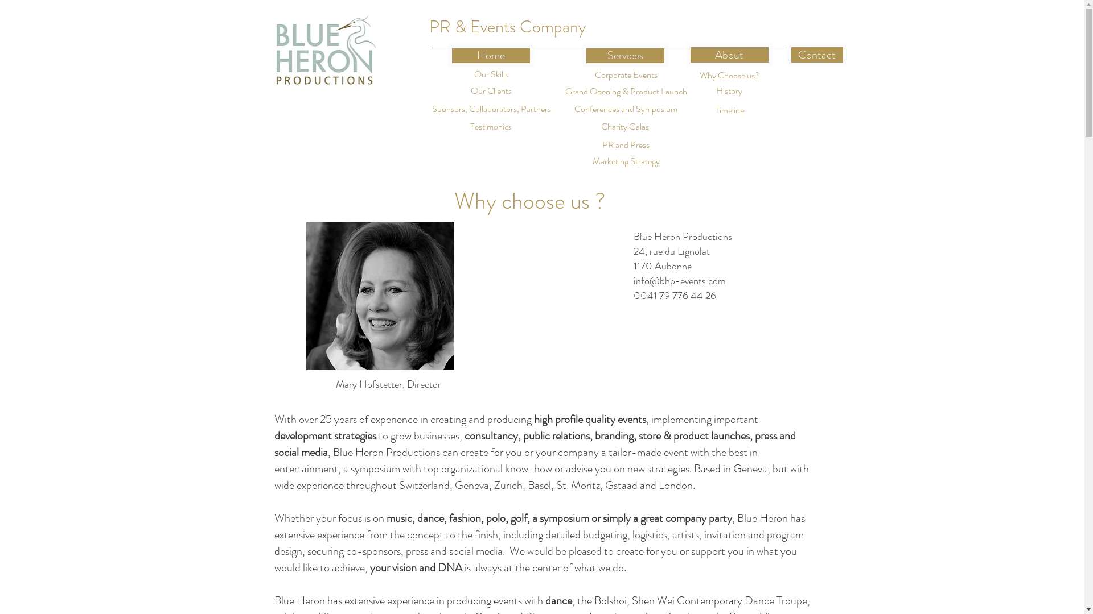 This screenshot has width=1093, height=614. What do you see at coordinates (729, 76) in the screenshot?
I see `'Why Choose us?'` at bounding box center [729, 76].